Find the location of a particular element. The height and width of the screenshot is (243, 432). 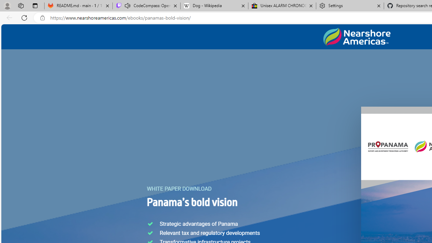

'Mute tab' is located at coordinates (128, 5).